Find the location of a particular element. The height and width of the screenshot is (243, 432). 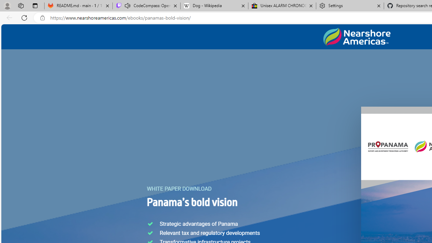

'Mute tab' is located at coordinates (128, 5).